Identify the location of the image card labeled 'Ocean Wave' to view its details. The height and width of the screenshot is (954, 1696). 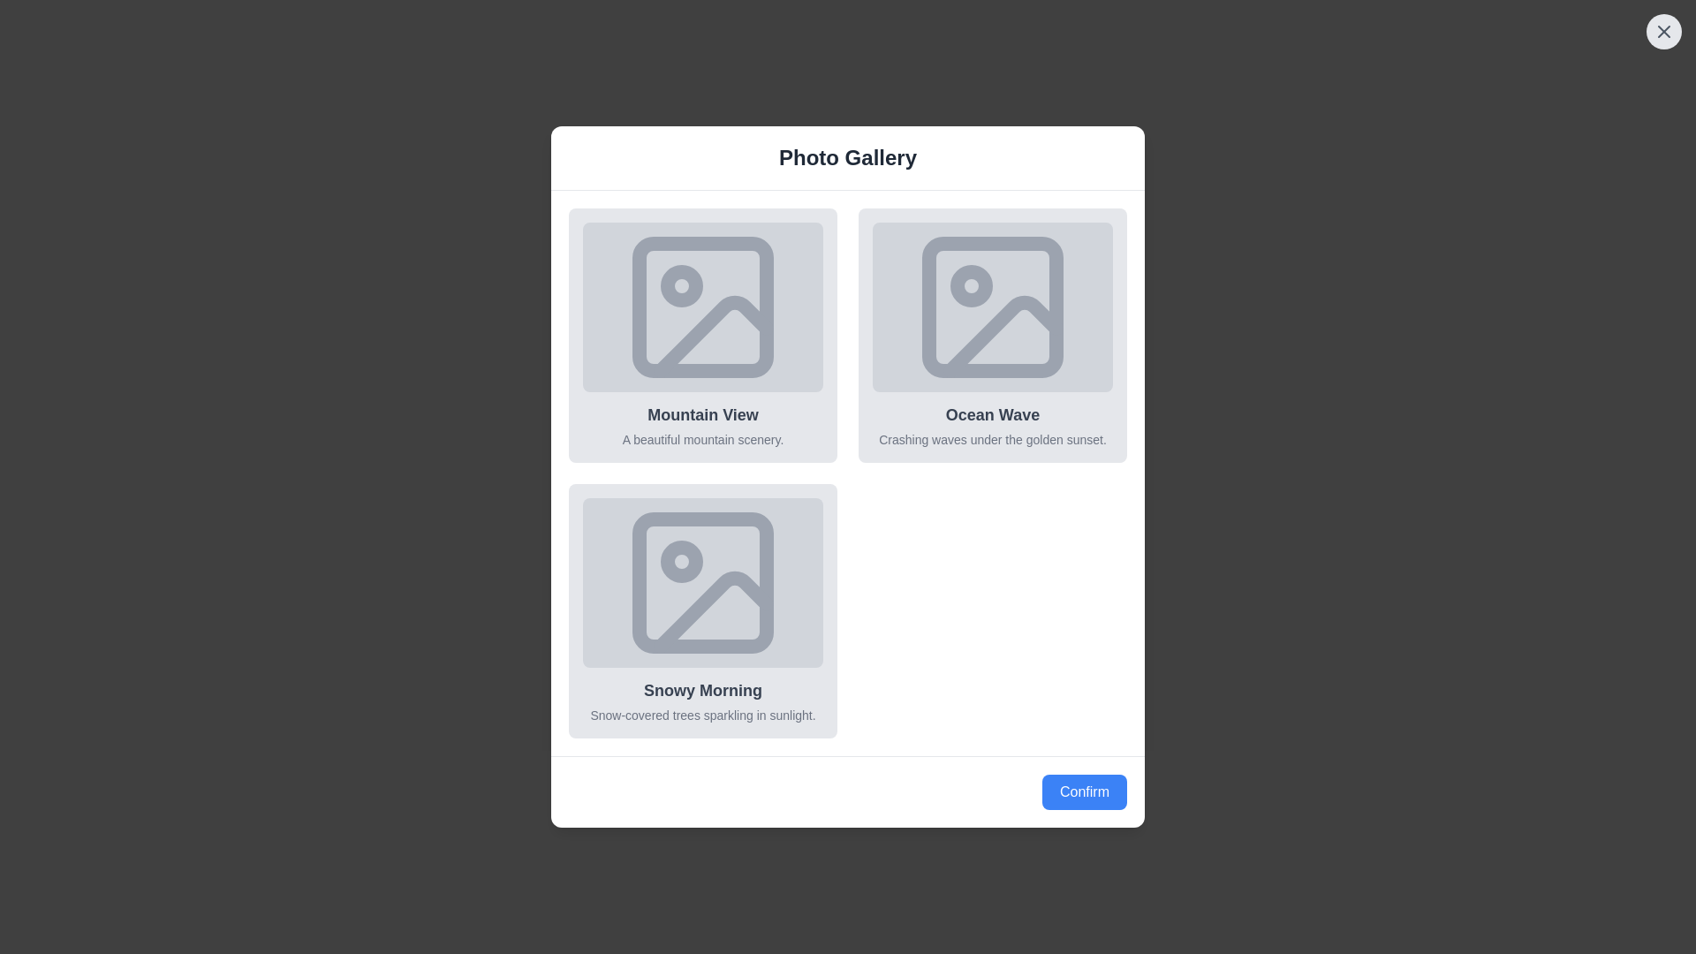
(992, 336).